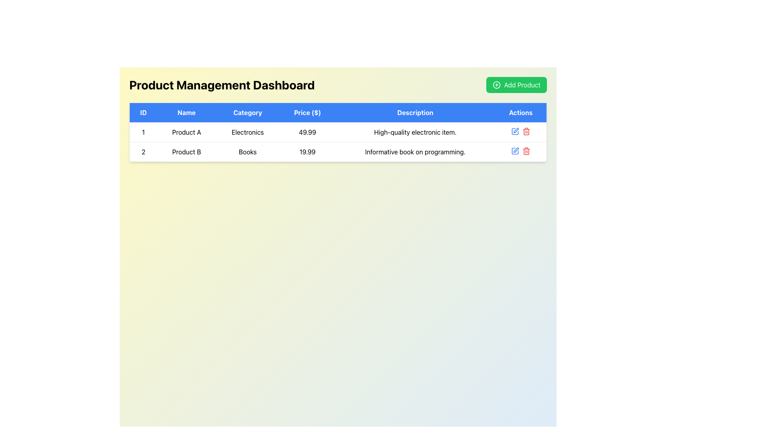 The image size is (771, 433). What do you see at coordinates (515, 131) in the screenshot?
I see `the blue pen icon in the 'Actions' column of the first row of the table to initiate an edit operation` at bounding box center [515, 131].